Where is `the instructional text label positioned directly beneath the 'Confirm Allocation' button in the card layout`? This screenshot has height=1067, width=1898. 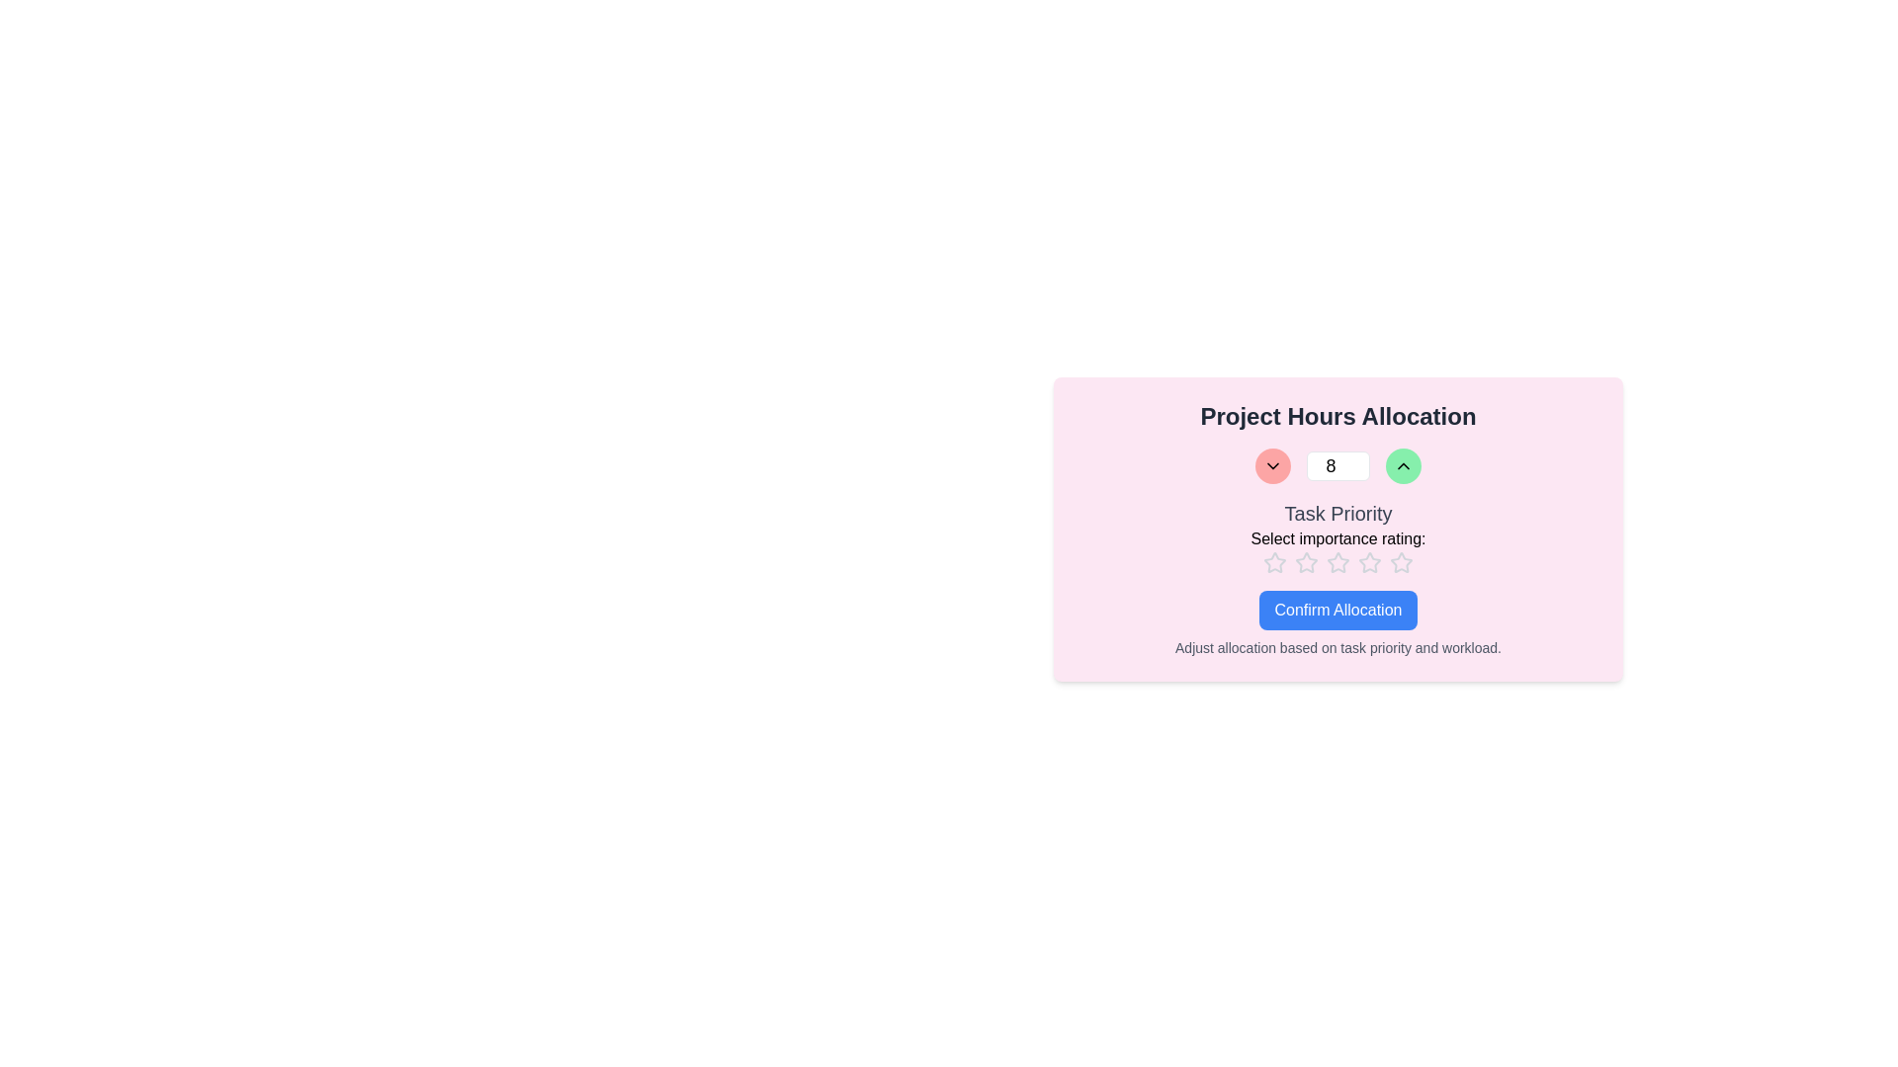 the instructional text label positioned directly beneath the 'Confirm Allocation' button in the card layout is located at coordinates (1337, 647).